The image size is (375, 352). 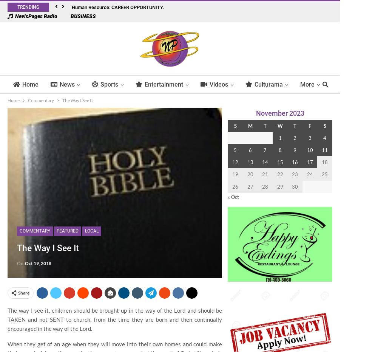 I want to click on '28', so click(x=264, y=186).